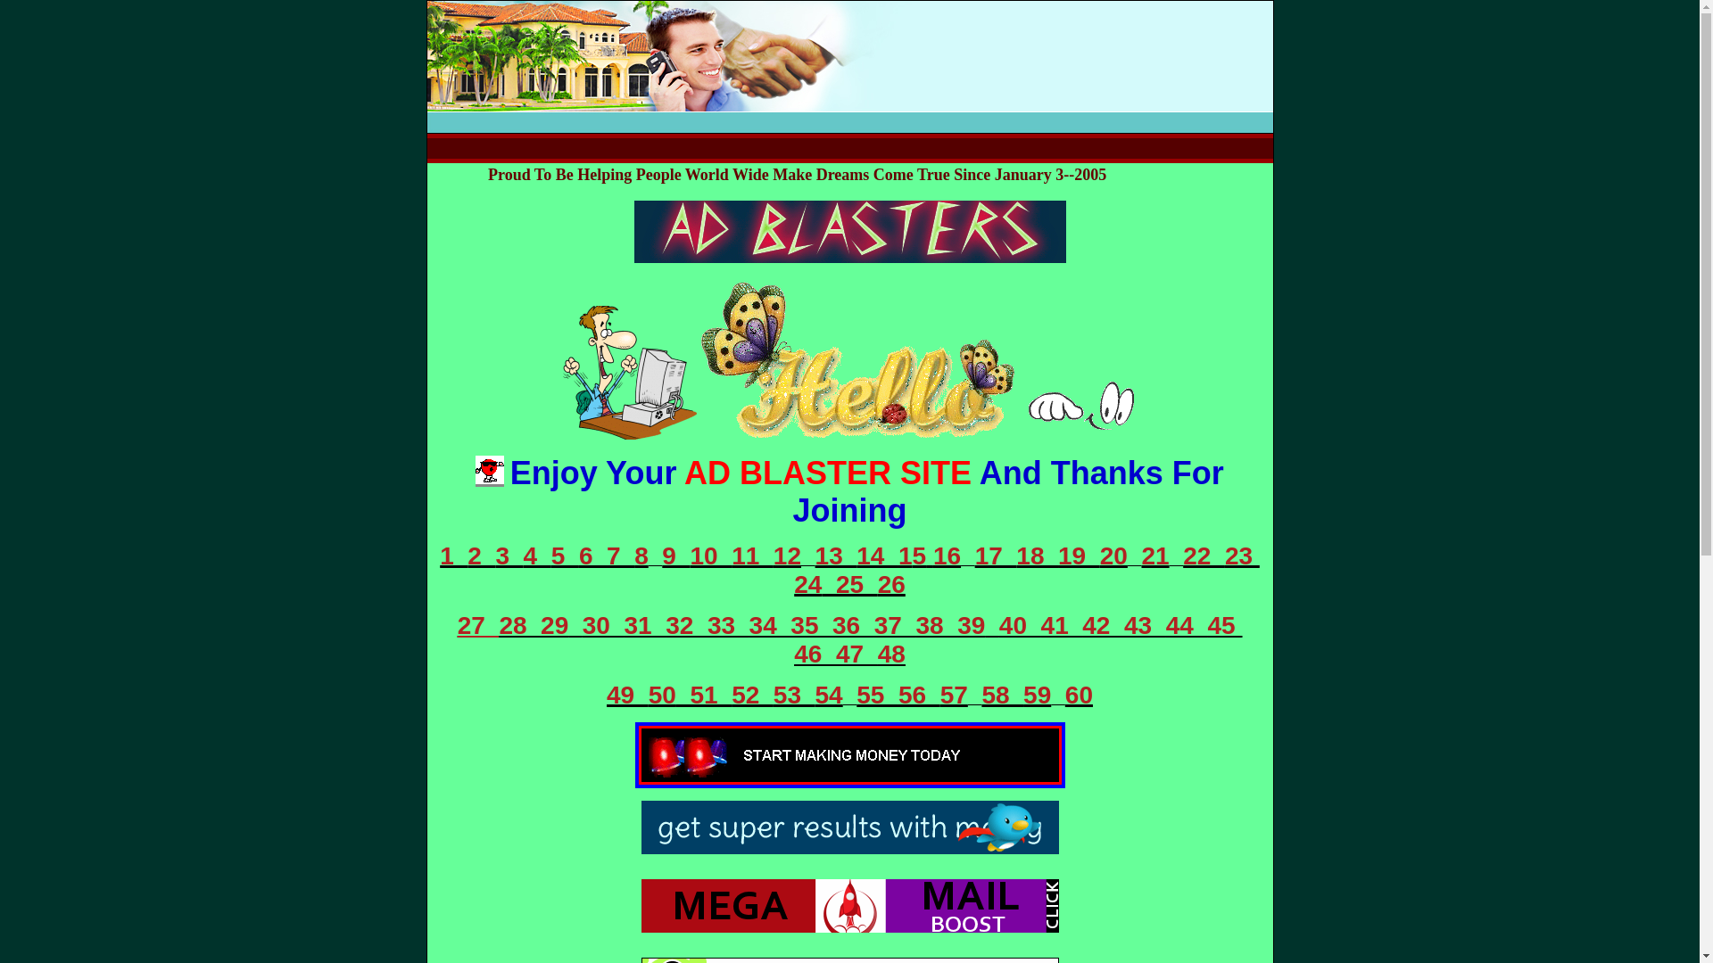  Describe the element at coordinates (1099, 555) in the screenshot. I see `'20'` at that location.